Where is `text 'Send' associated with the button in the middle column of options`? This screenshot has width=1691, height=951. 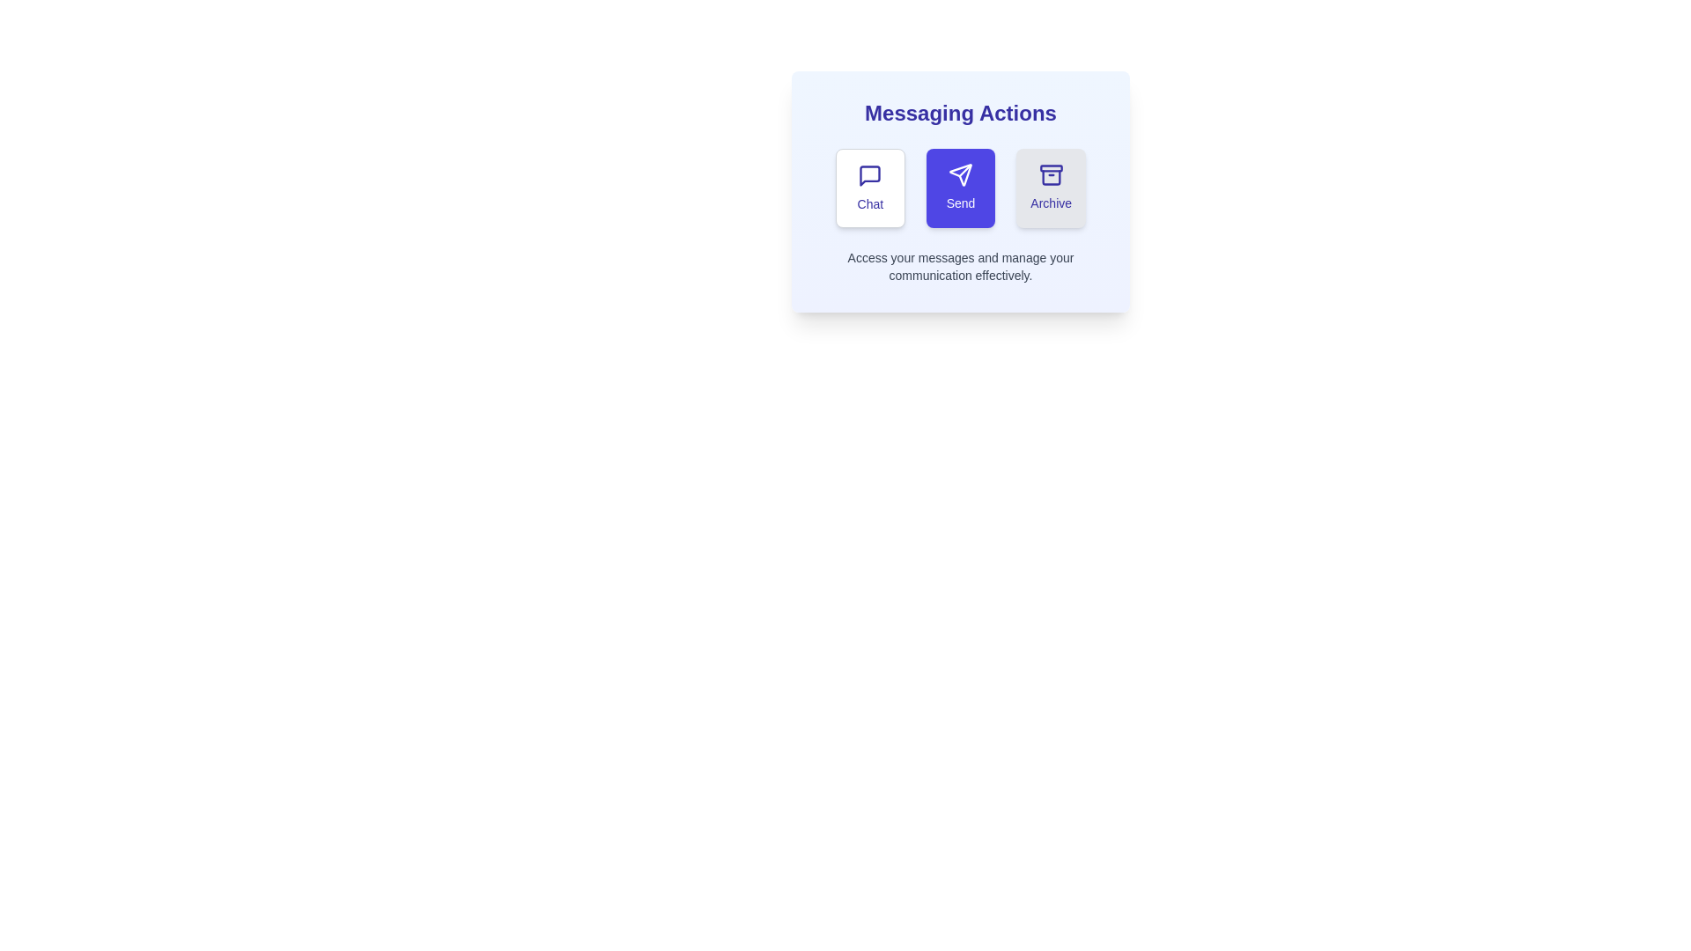
text 'Send' associated with the button in the middle column of options is located at coordinates (959, 203).